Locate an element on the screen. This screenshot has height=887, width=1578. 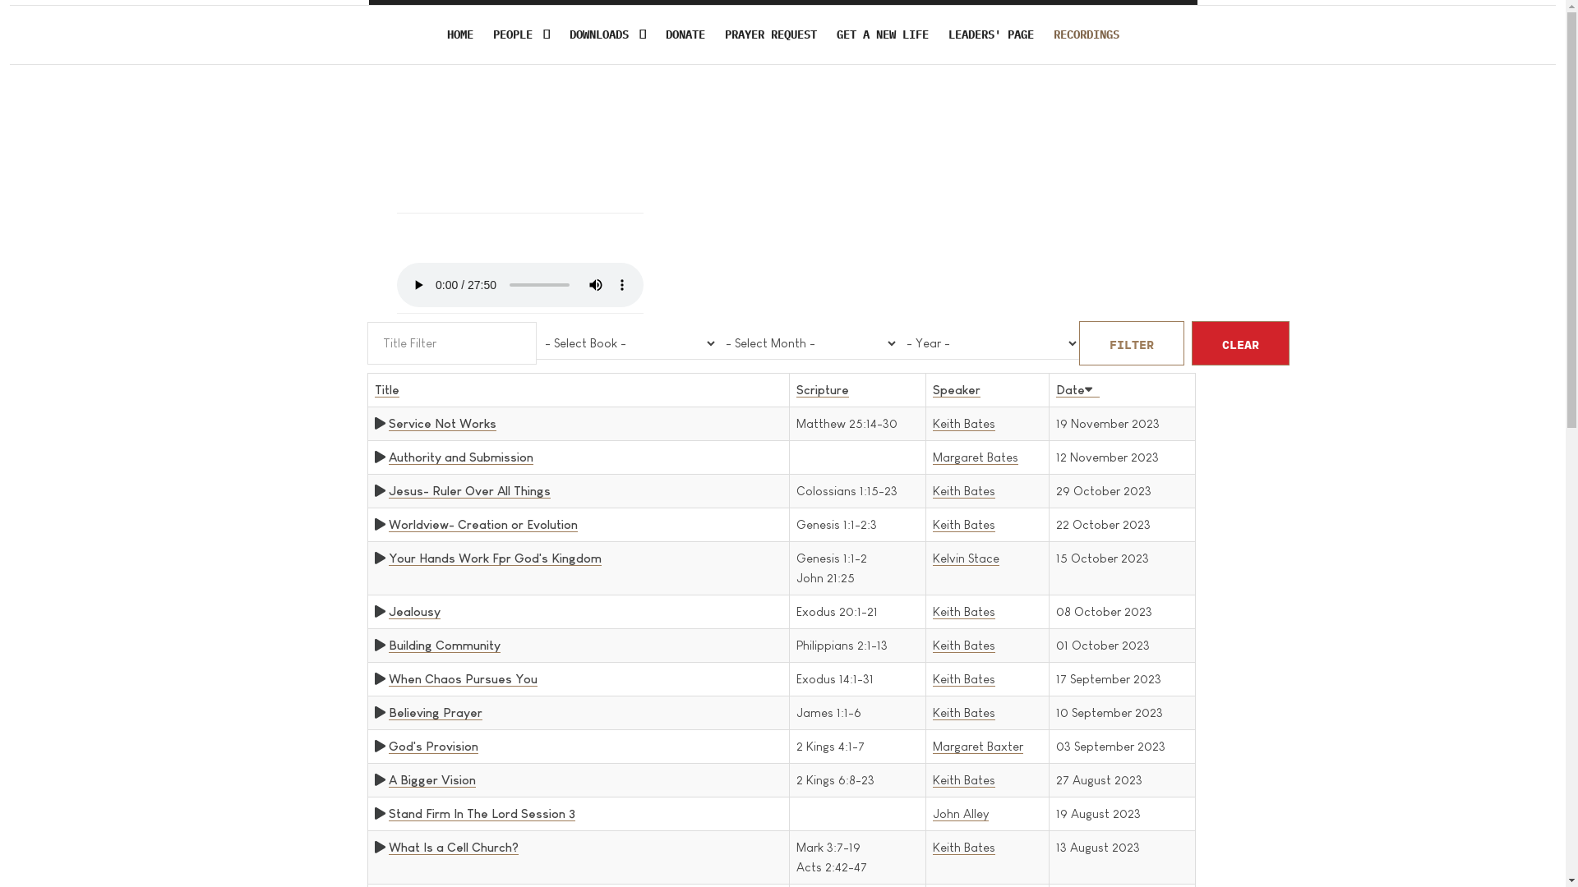
'A Bigger Vision' is located at coordinates (431, 779).